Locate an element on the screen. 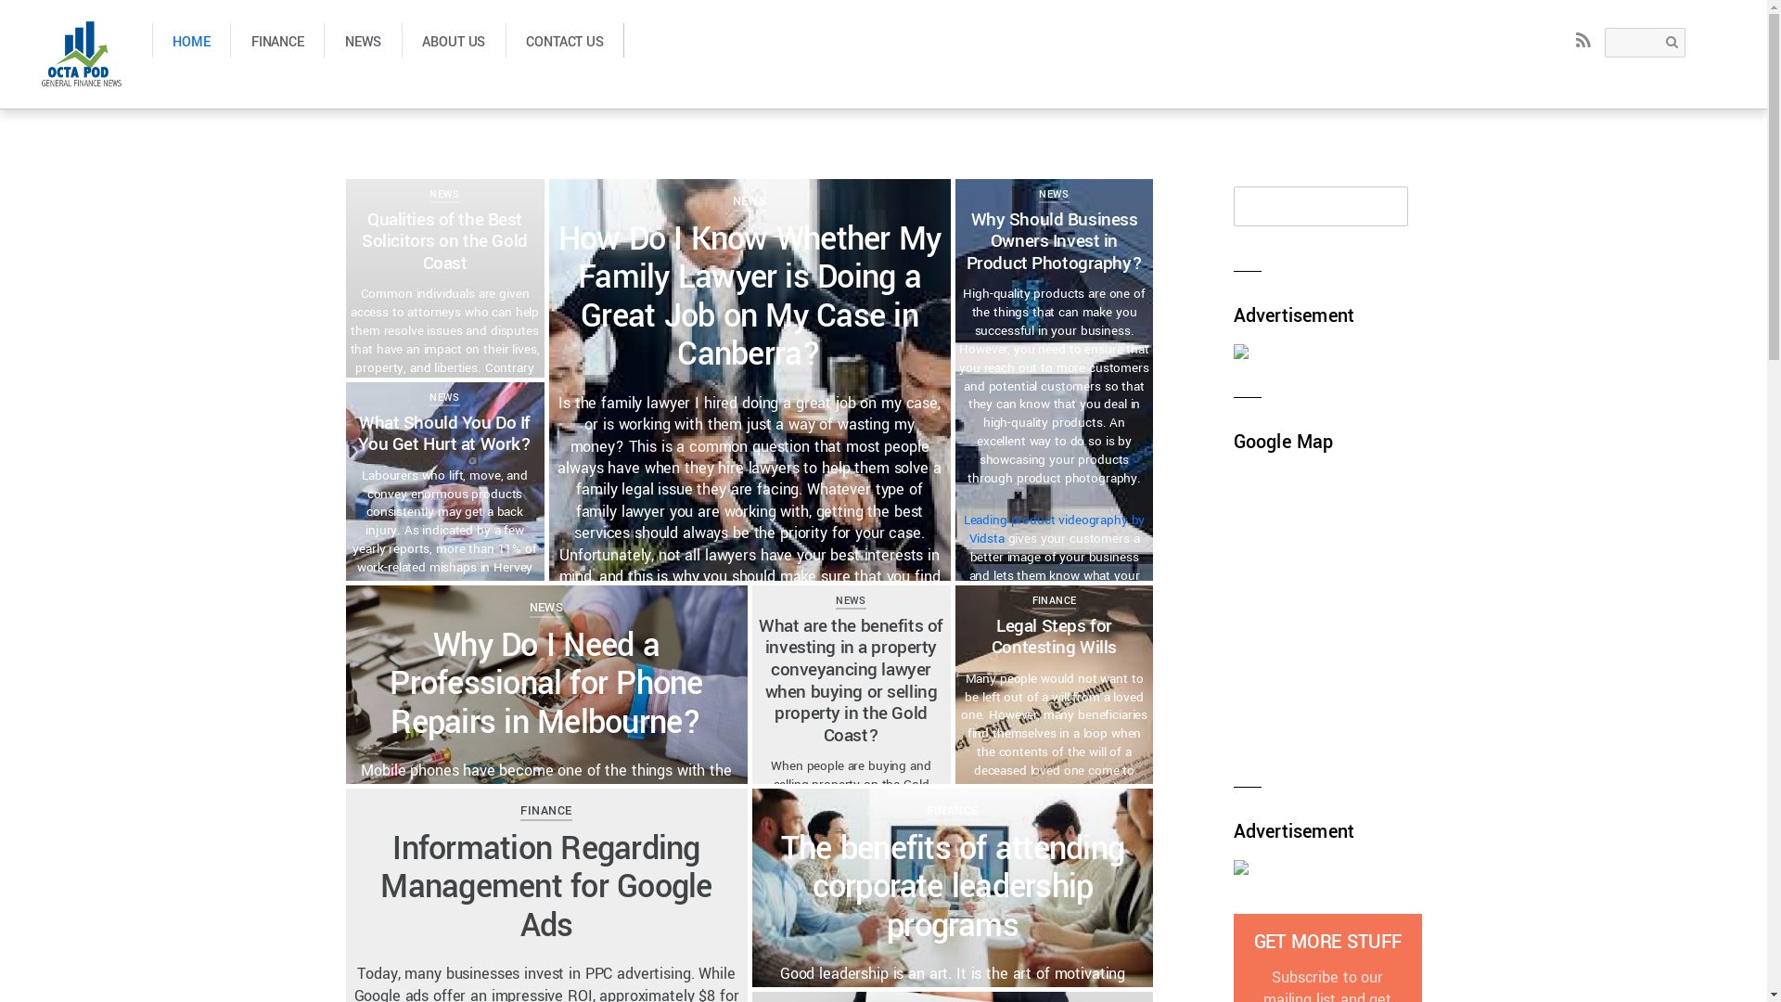 This screenshot has height=1002, width=1781. 'FINANCE' is located at coordinates (1055, 600).